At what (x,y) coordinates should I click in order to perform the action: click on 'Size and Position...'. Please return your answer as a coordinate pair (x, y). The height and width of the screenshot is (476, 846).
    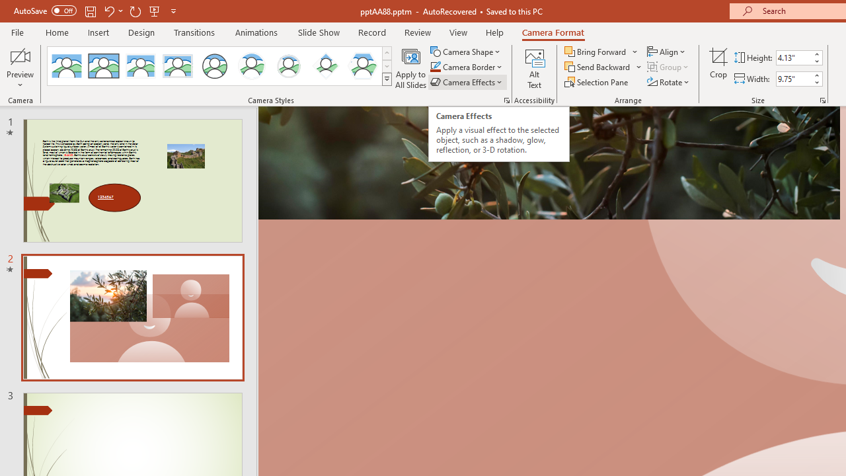
    Looking at the image, I should click on (822, 99).